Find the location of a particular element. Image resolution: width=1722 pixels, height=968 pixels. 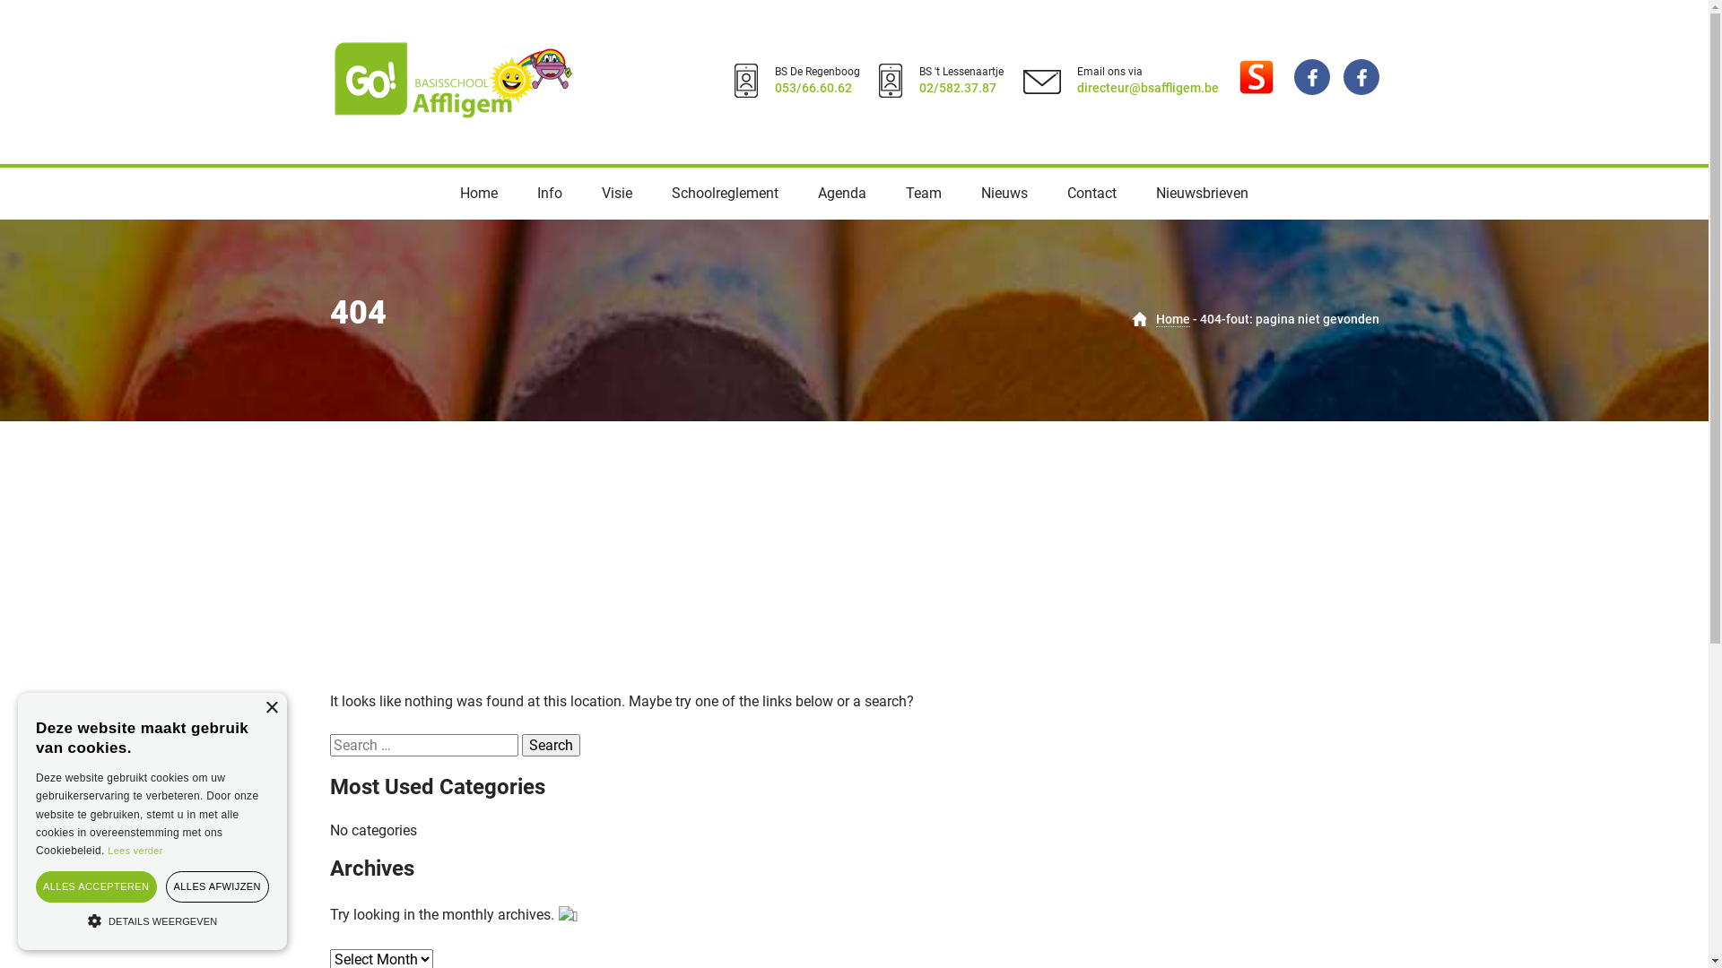

'Lees verder' is located at coordinates (107, 849).